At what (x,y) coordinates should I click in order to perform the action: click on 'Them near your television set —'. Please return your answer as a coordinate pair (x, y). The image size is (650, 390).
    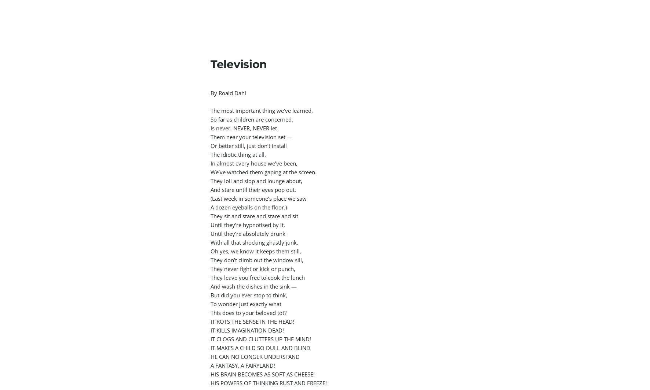
    Looking at the image, I should click on (252, 137).